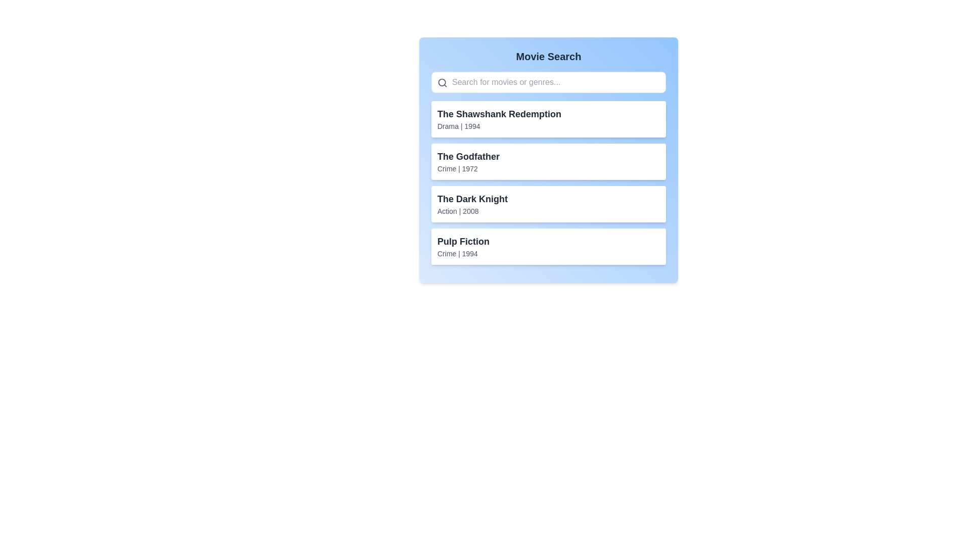  I want to click on the text label displaying the title of a movie, which is located in the second row beneath 'The Shawshank Redemption' and above 'The Dark Knight', so click(468, 156).